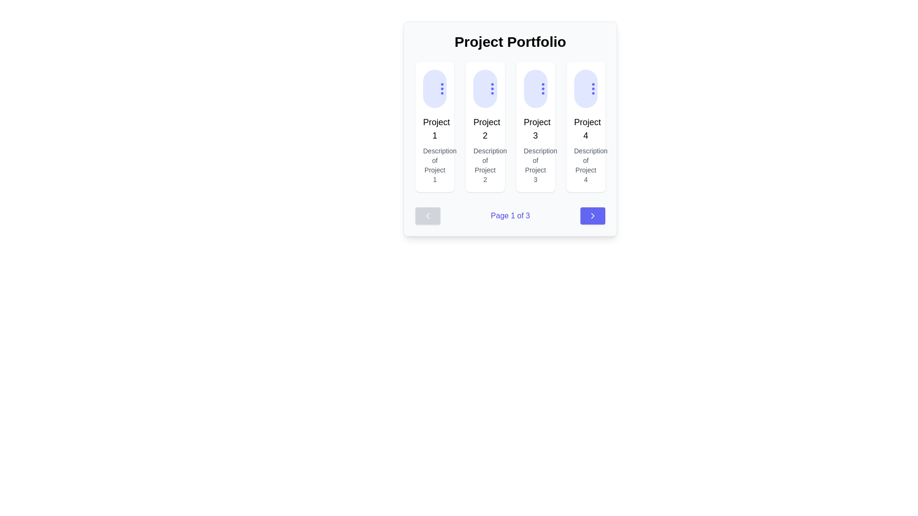 The width and height of the screenshot is (918, 516). What do you see at coordinates (592, 88) in the screenshot?
I see `the vertical ellipsis icon located in the upper section of the Project 4 card` at bounding box center [592, 88].